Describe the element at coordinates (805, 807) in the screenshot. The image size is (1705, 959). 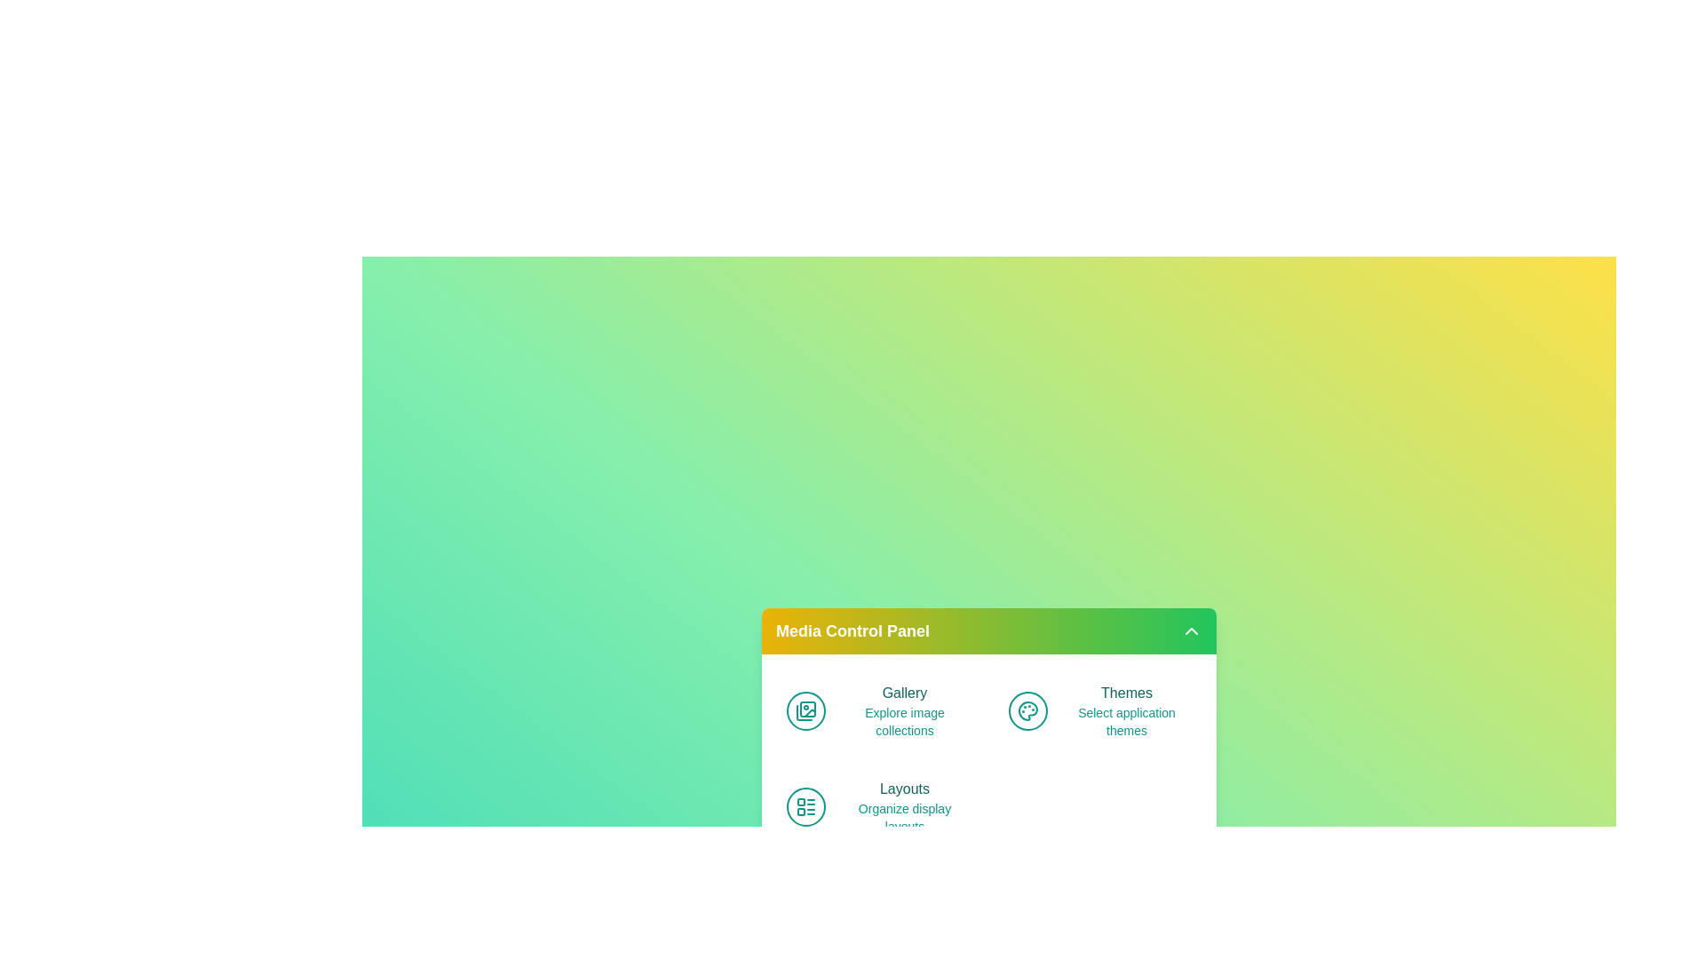
I see `the icon associated with Layouts` at that location.